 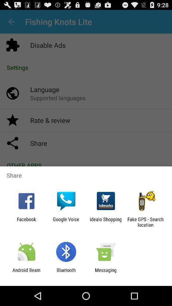 I want to click on the icon to the left of bluetooth app, so click(x=26, y=273).